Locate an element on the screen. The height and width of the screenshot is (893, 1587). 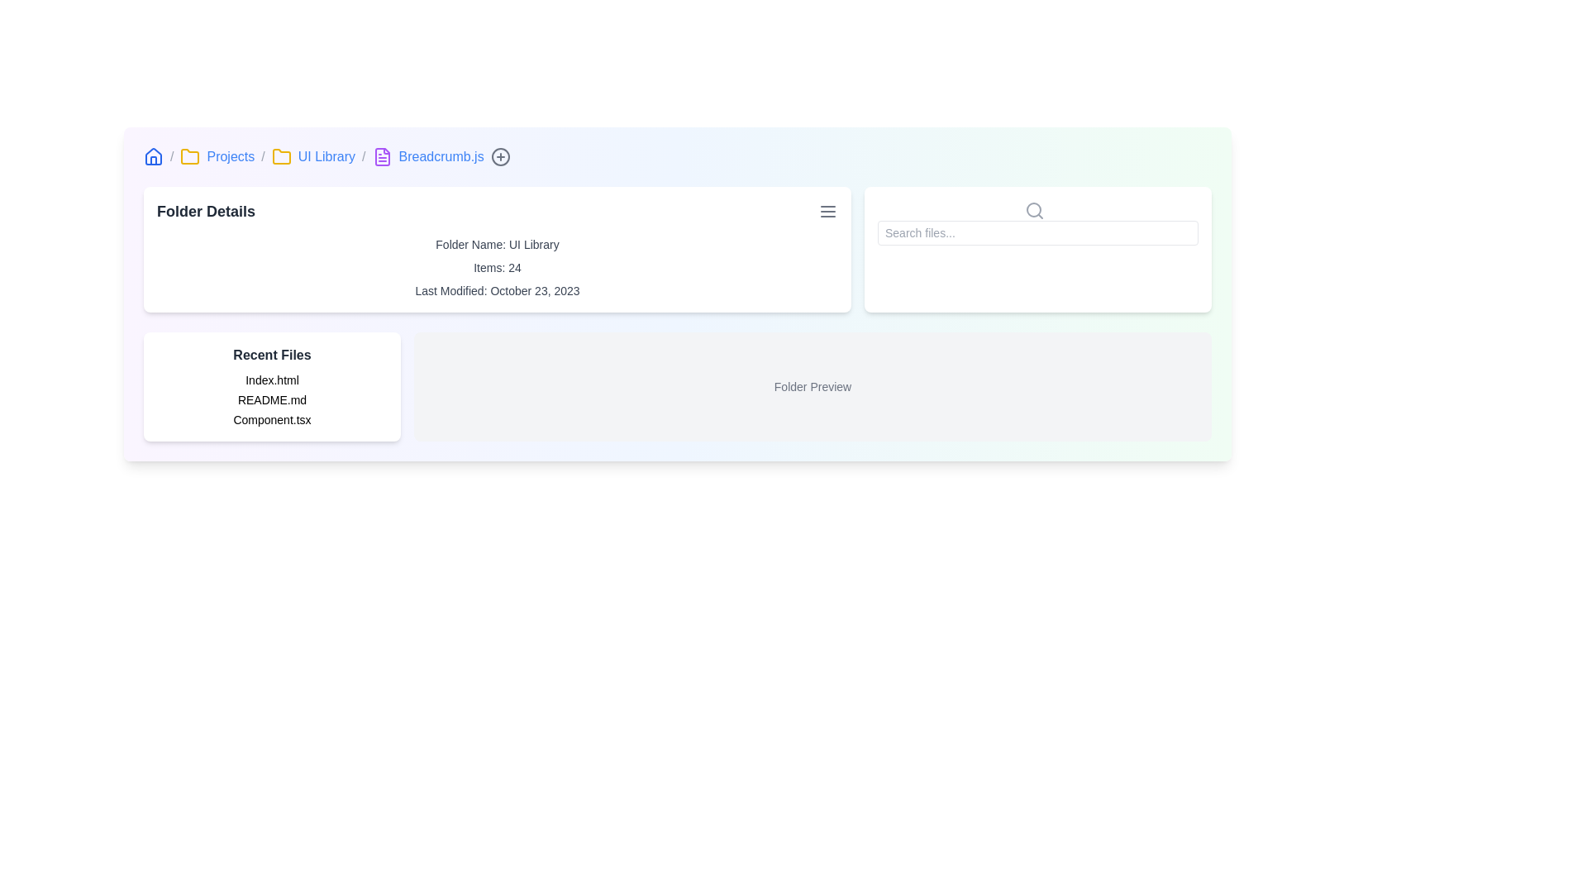
the house-shaped icon's lower rectangular section, which represents a door, located in the breadcrumb navigation bar to trigger navigation is located at coordinates (154, 160).